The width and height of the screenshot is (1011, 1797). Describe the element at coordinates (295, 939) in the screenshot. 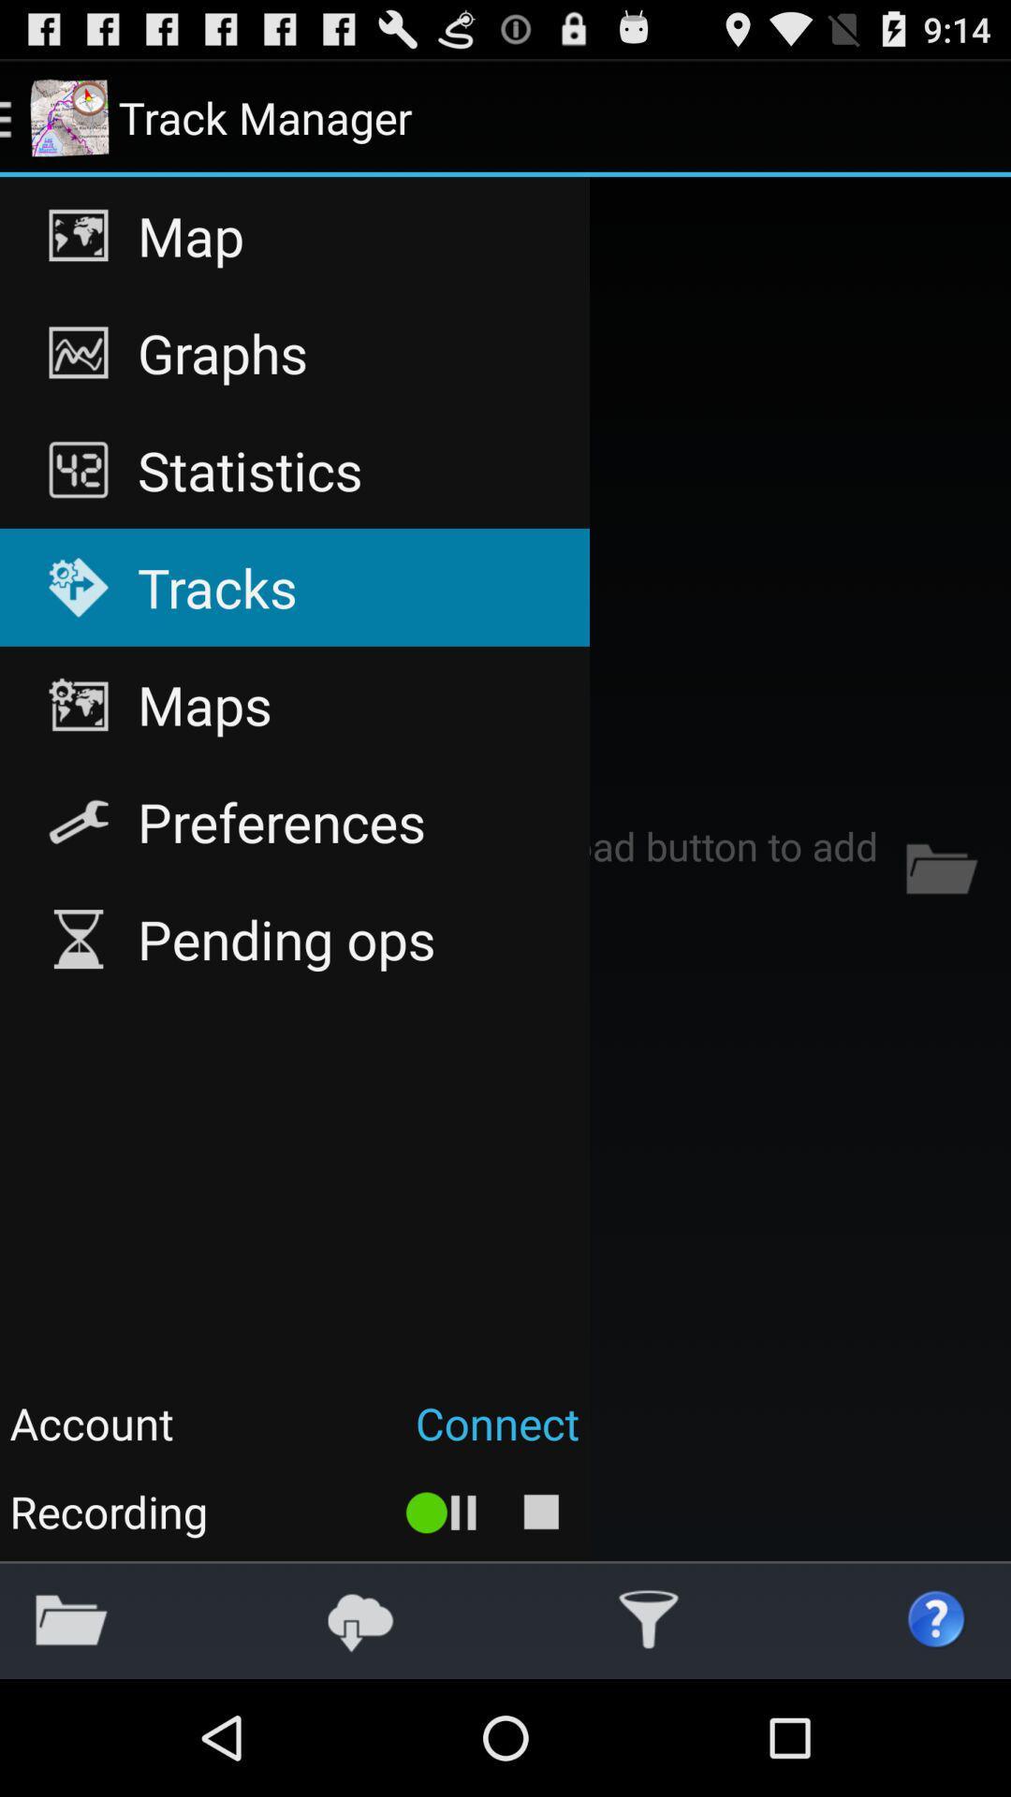

I see `item above the account item` at that location.